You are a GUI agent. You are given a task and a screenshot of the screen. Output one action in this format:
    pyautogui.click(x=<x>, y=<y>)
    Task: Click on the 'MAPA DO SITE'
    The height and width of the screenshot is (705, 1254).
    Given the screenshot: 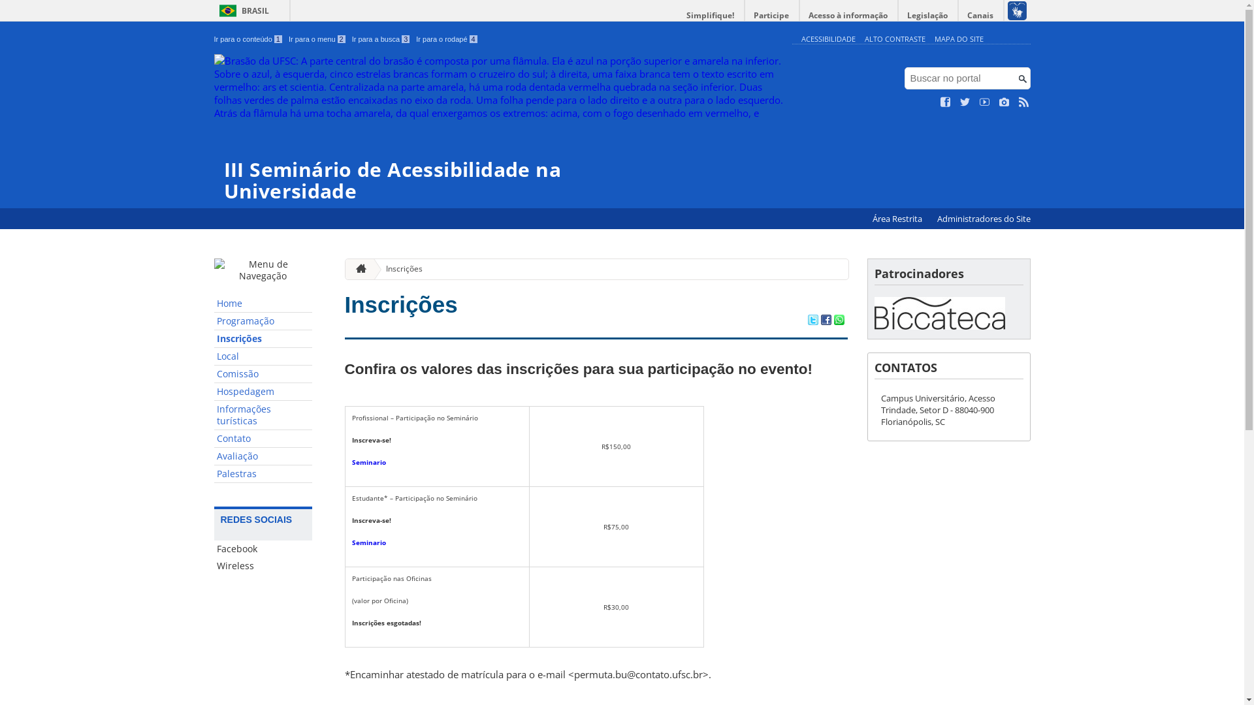 What is the action you would take?
    pyautogui.click(x=958, y=38)
    